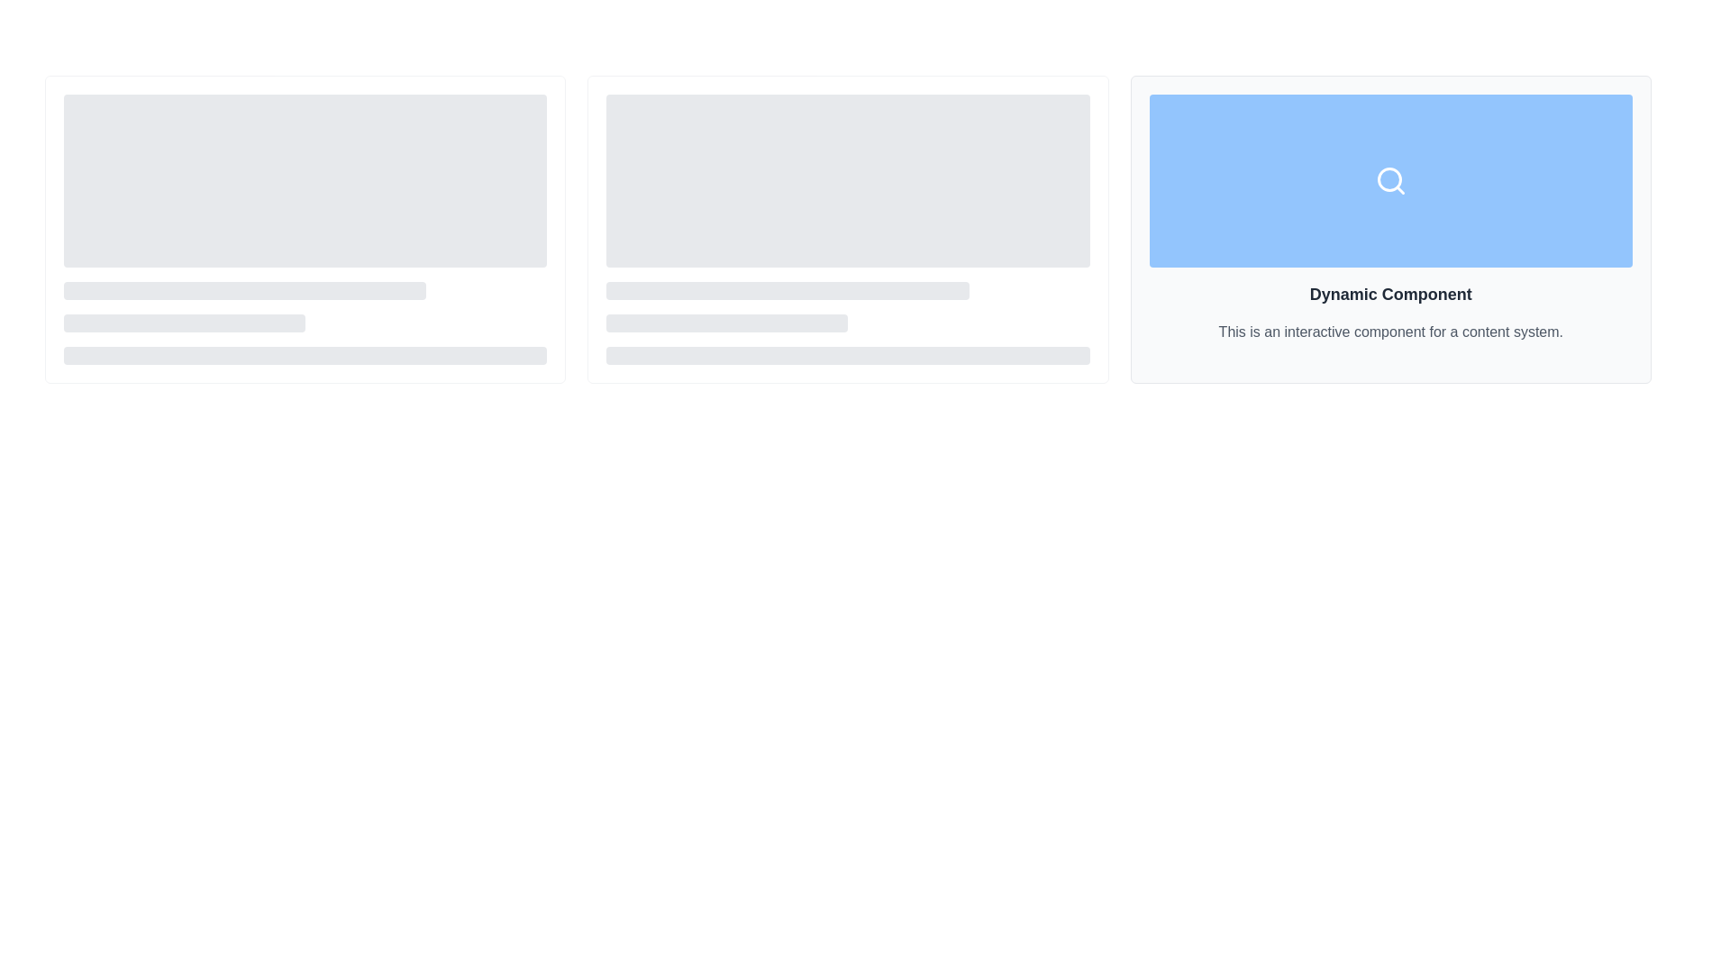  Describe the element at coordinates (244, 290) in the screenshot. I see `the first static decorative bar, which is a horizontally stretched, rounded rectangle with a gray background, located near the top among three similar elements` at that location.